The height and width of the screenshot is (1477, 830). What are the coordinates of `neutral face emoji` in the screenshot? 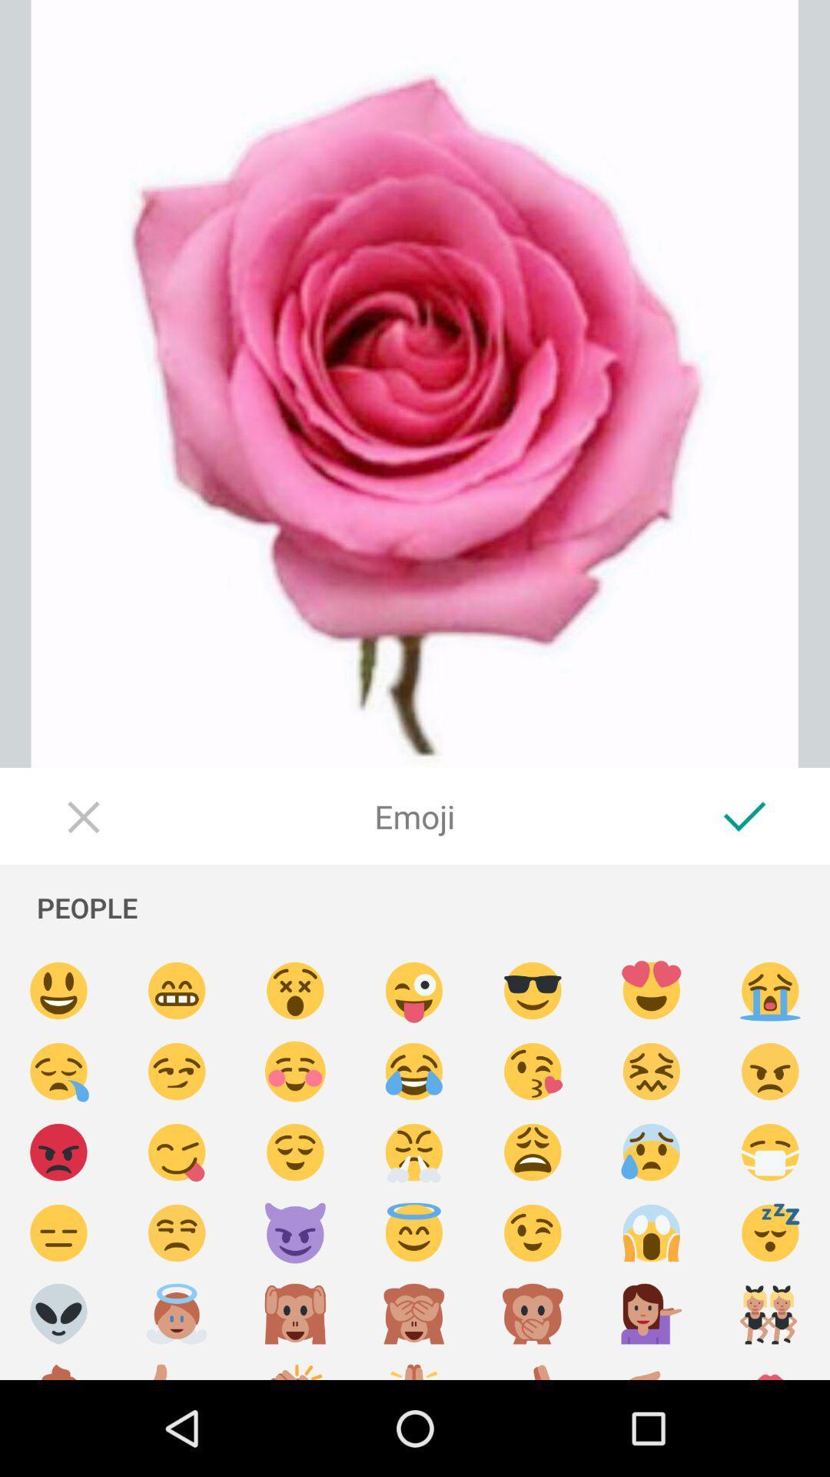 It's located at (58, 1233).